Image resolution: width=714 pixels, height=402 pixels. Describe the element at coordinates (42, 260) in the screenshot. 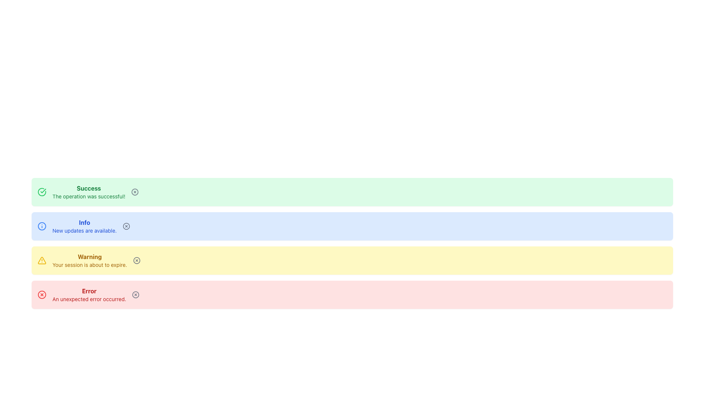

I see `the warning icon in the yellow notification bar that indicates a caution about session expiration, positioned to the left of the text 'Warning, Your session is about to expire.'` at that location.